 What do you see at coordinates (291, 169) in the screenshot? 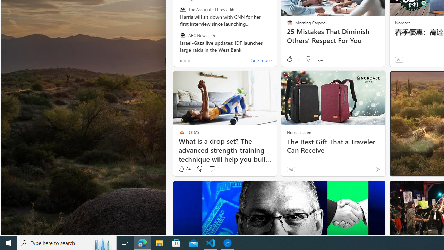
I see `'Ad'` at bounding box center [291, 169].